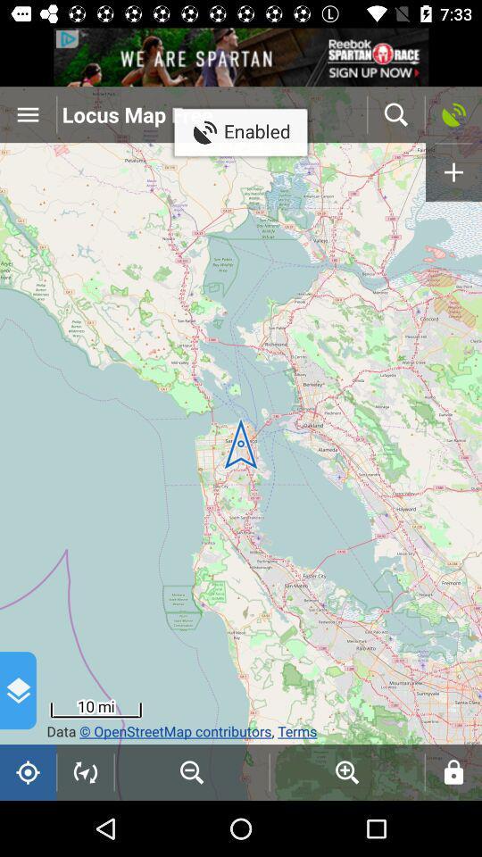 This screenshot has height=857, width=482. What do you see at coordinates (453, 771) in the screenshot?
I see `the lock icon` at bounding box center [453, 771].